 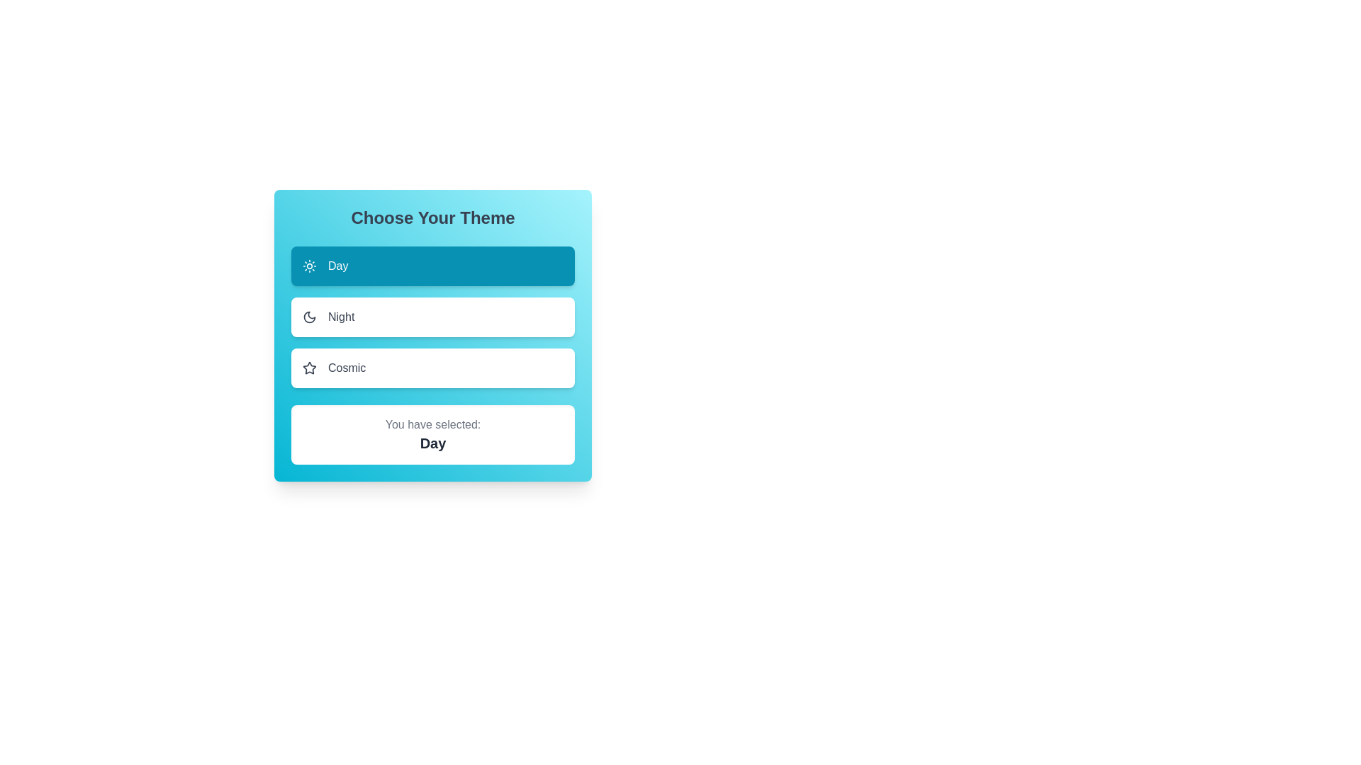 I want to click on the 'Day' theme button, which is the first selectable option in the 'Choose Your Theme' section, so click(x=432, y=266).